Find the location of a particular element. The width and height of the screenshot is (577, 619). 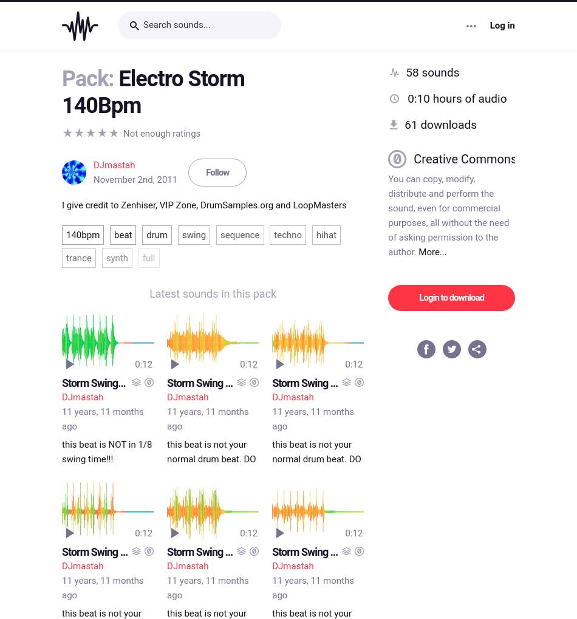

'Electro Storm 140Bpm' is located at coordinates (152, 90).